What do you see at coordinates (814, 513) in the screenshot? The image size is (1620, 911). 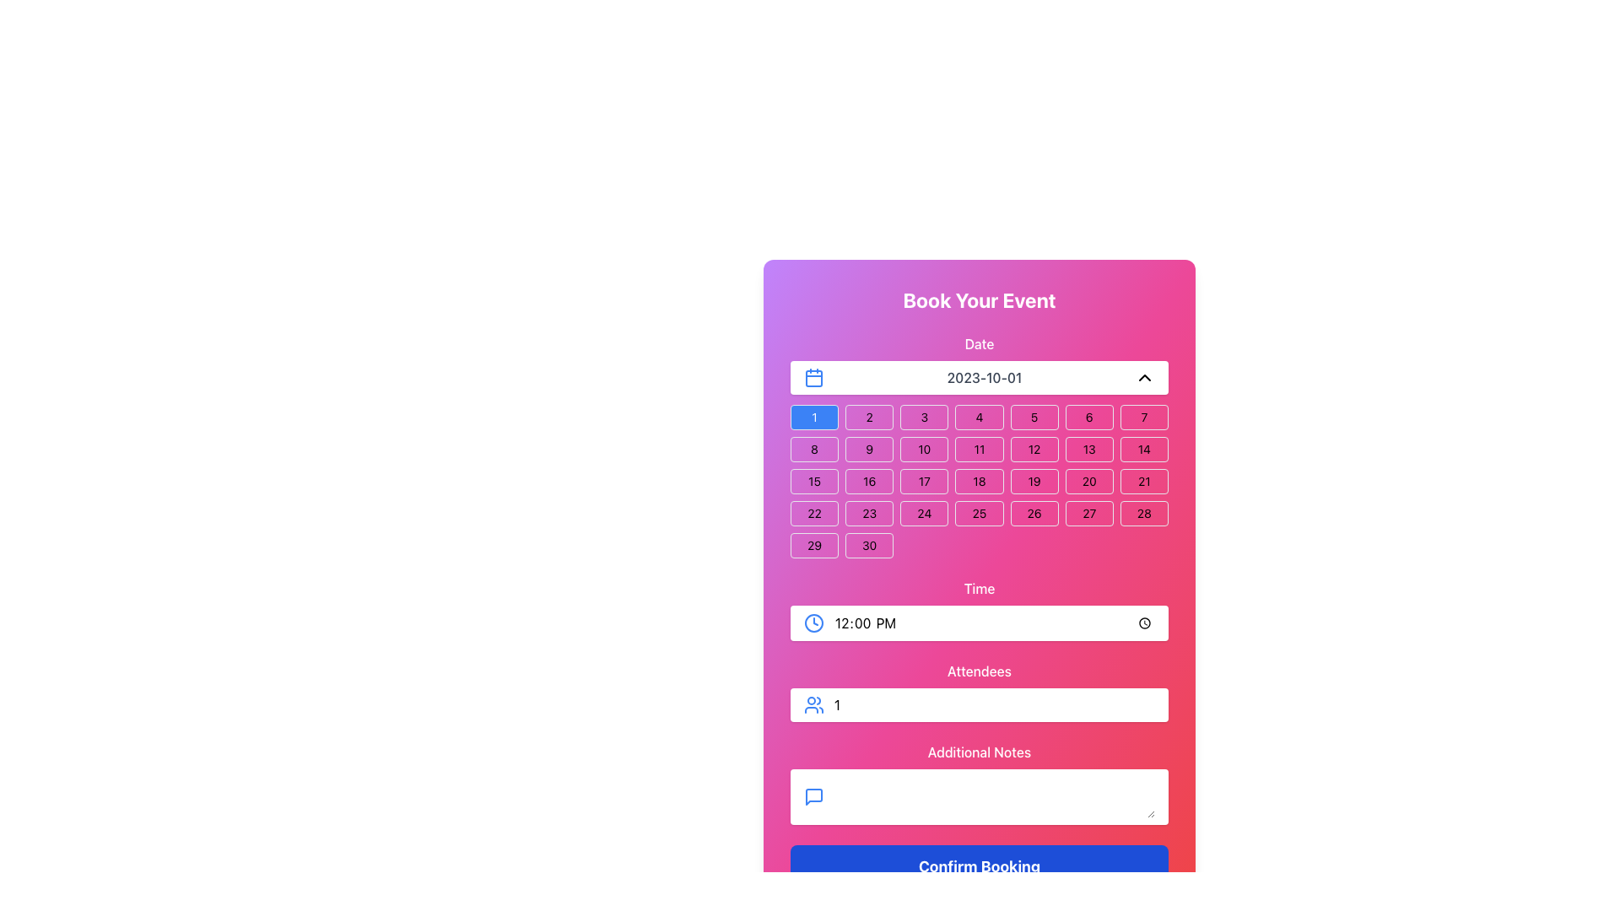 I see `the rectangular button with rounded edges, pink background, and black text displaying '22', located in the fourth row and first column of the grid layout` at bounding box center [814, 513].